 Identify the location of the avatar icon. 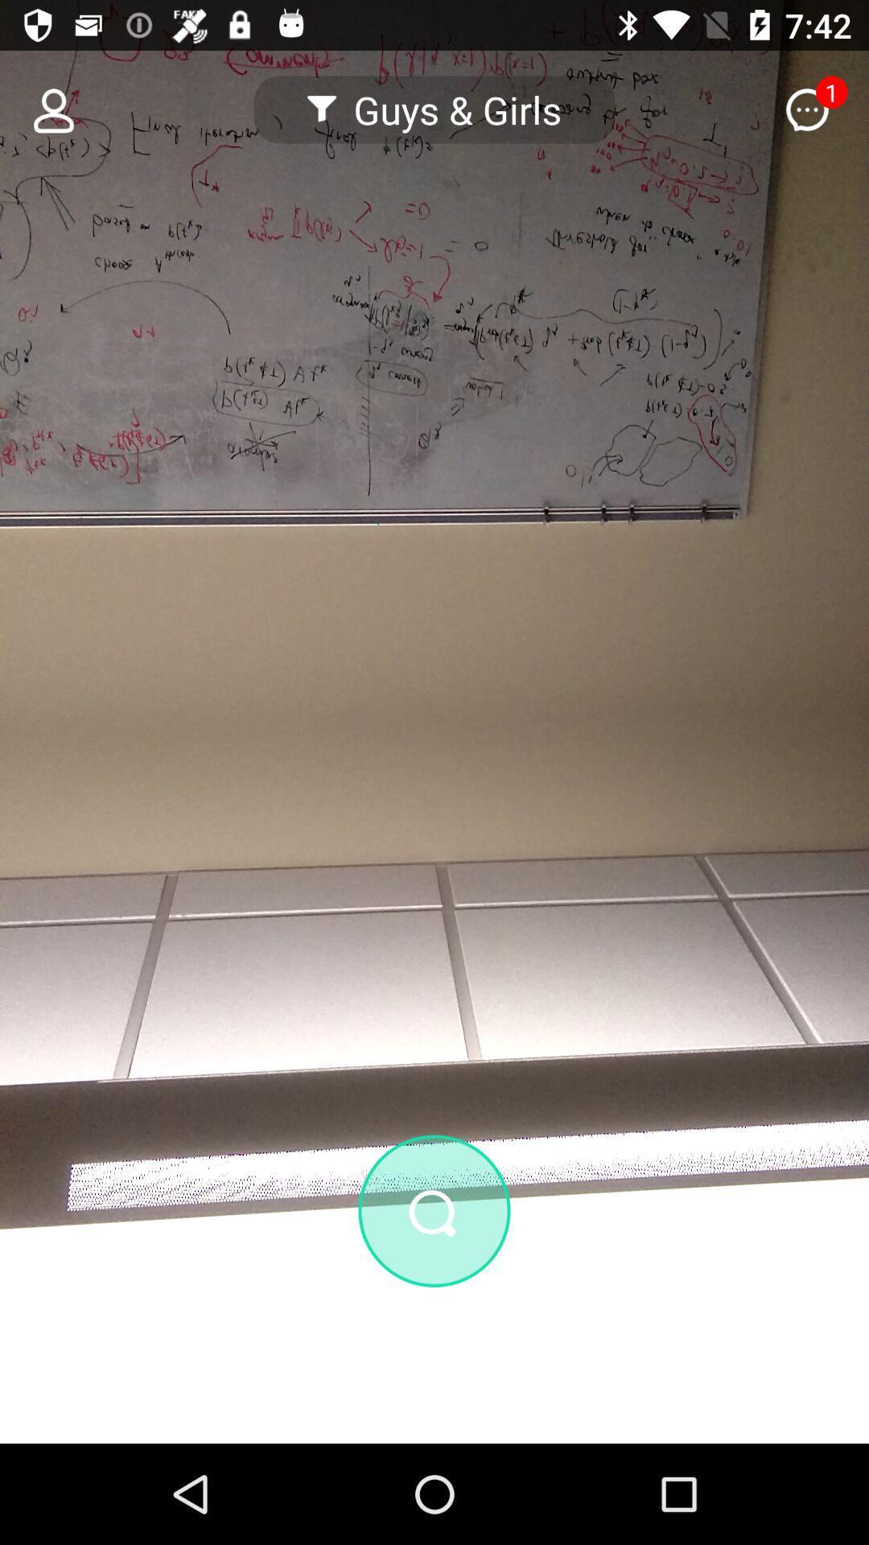
(43, 109).